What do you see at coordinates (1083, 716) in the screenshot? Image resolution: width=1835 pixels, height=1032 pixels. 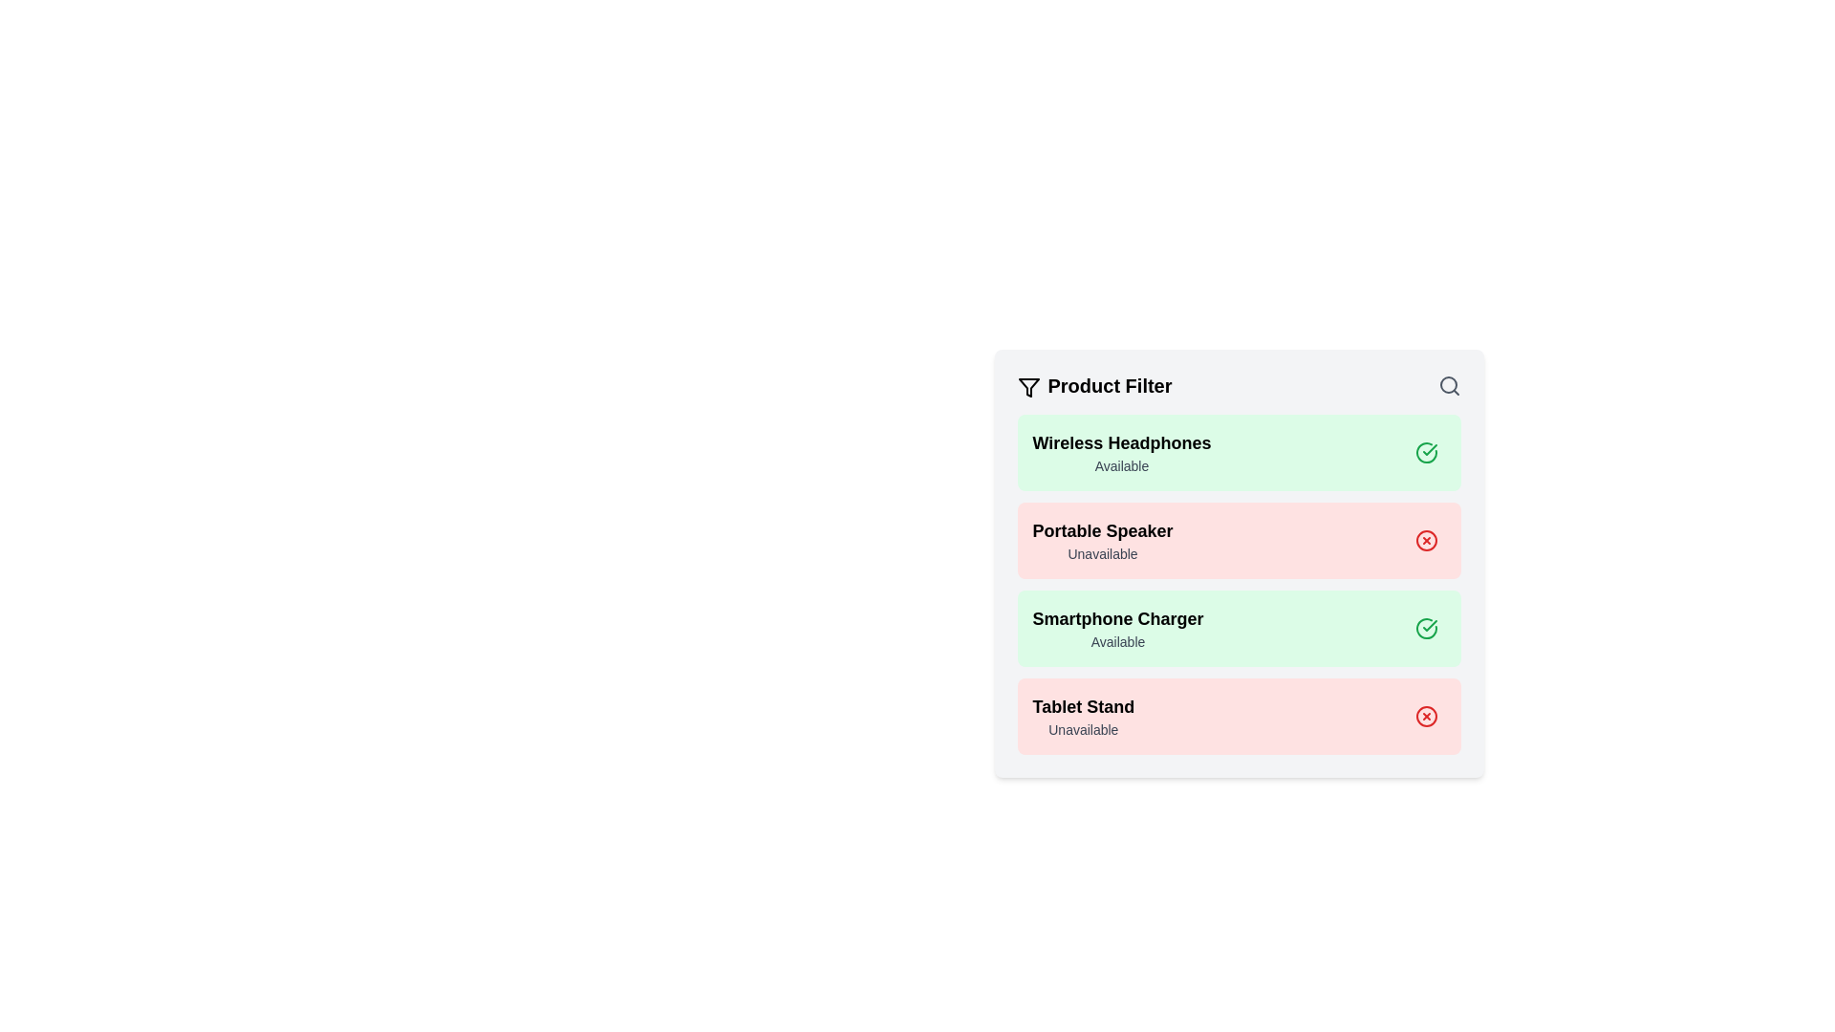 I see `the 'Tablet Stand' text component that displays 'Unavailable' below it, which is part of the last entry in the product cards list under the 'Product Filter' panel` at bounding box center [1083, 716].